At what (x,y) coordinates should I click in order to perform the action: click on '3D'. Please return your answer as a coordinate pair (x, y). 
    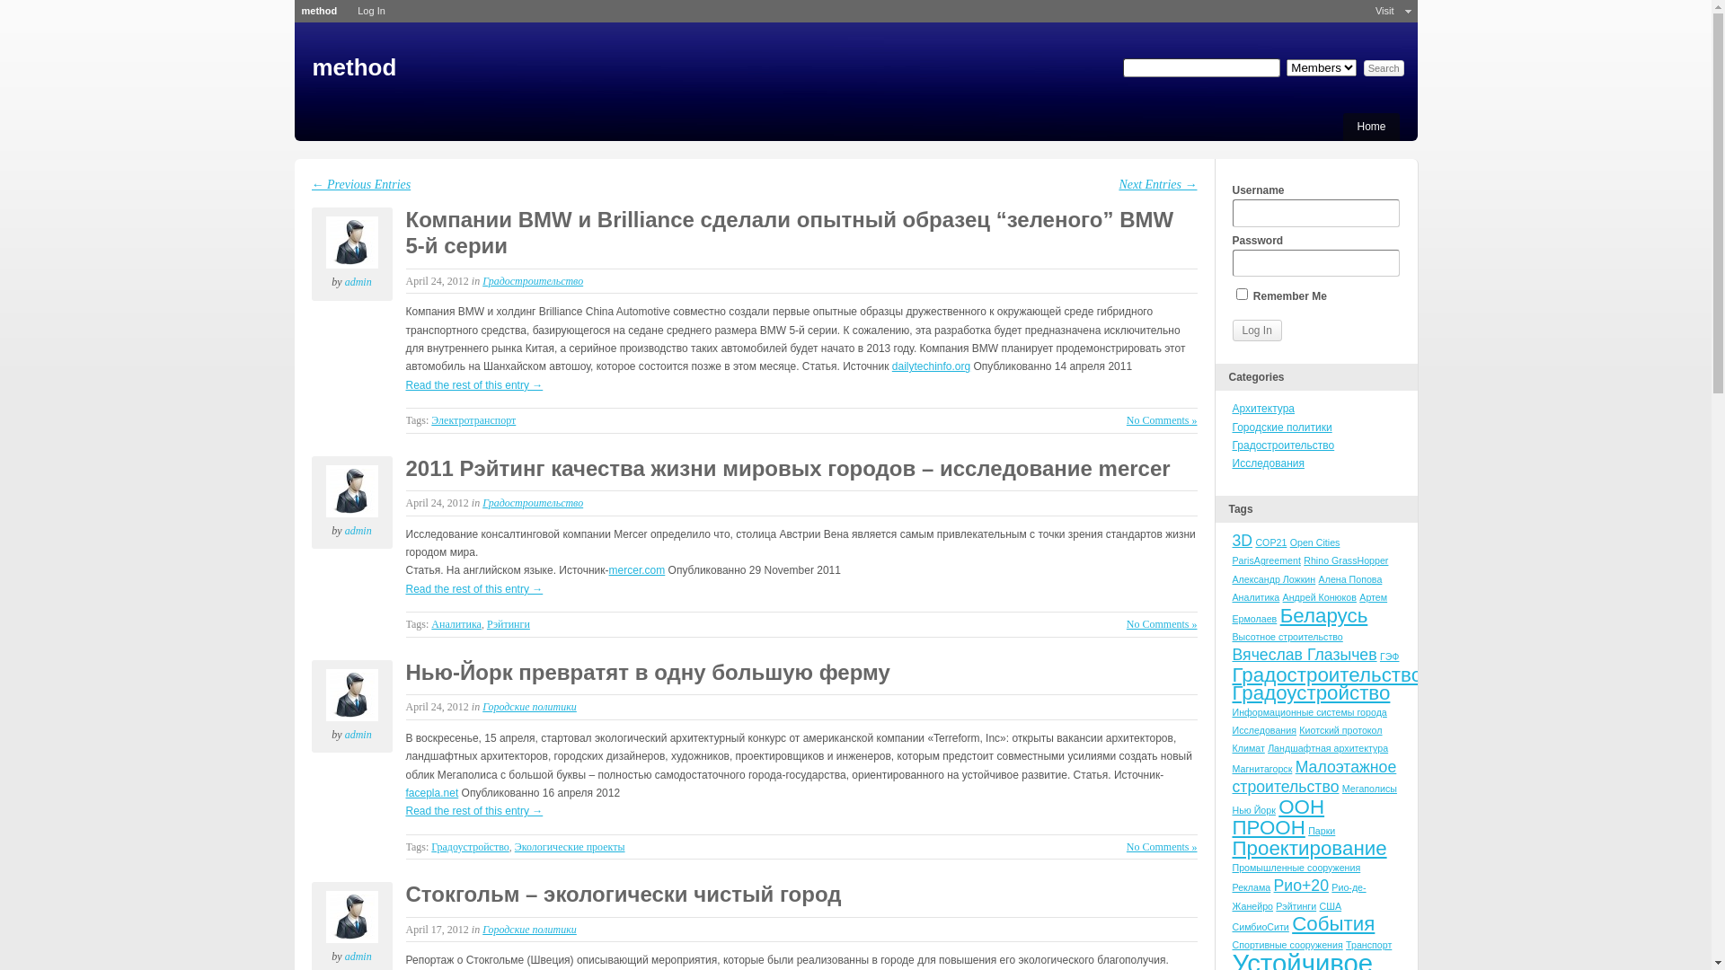
    Looking at the image, I should click on (1232, 539).